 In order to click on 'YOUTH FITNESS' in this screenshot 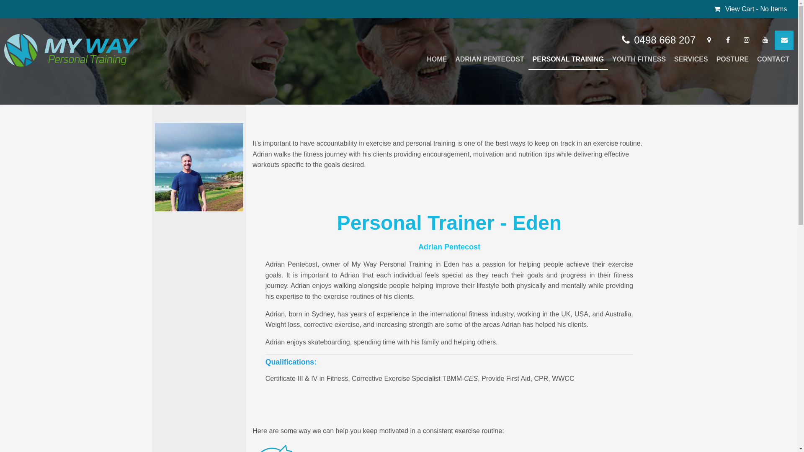, I will do `click(639, 59)`.